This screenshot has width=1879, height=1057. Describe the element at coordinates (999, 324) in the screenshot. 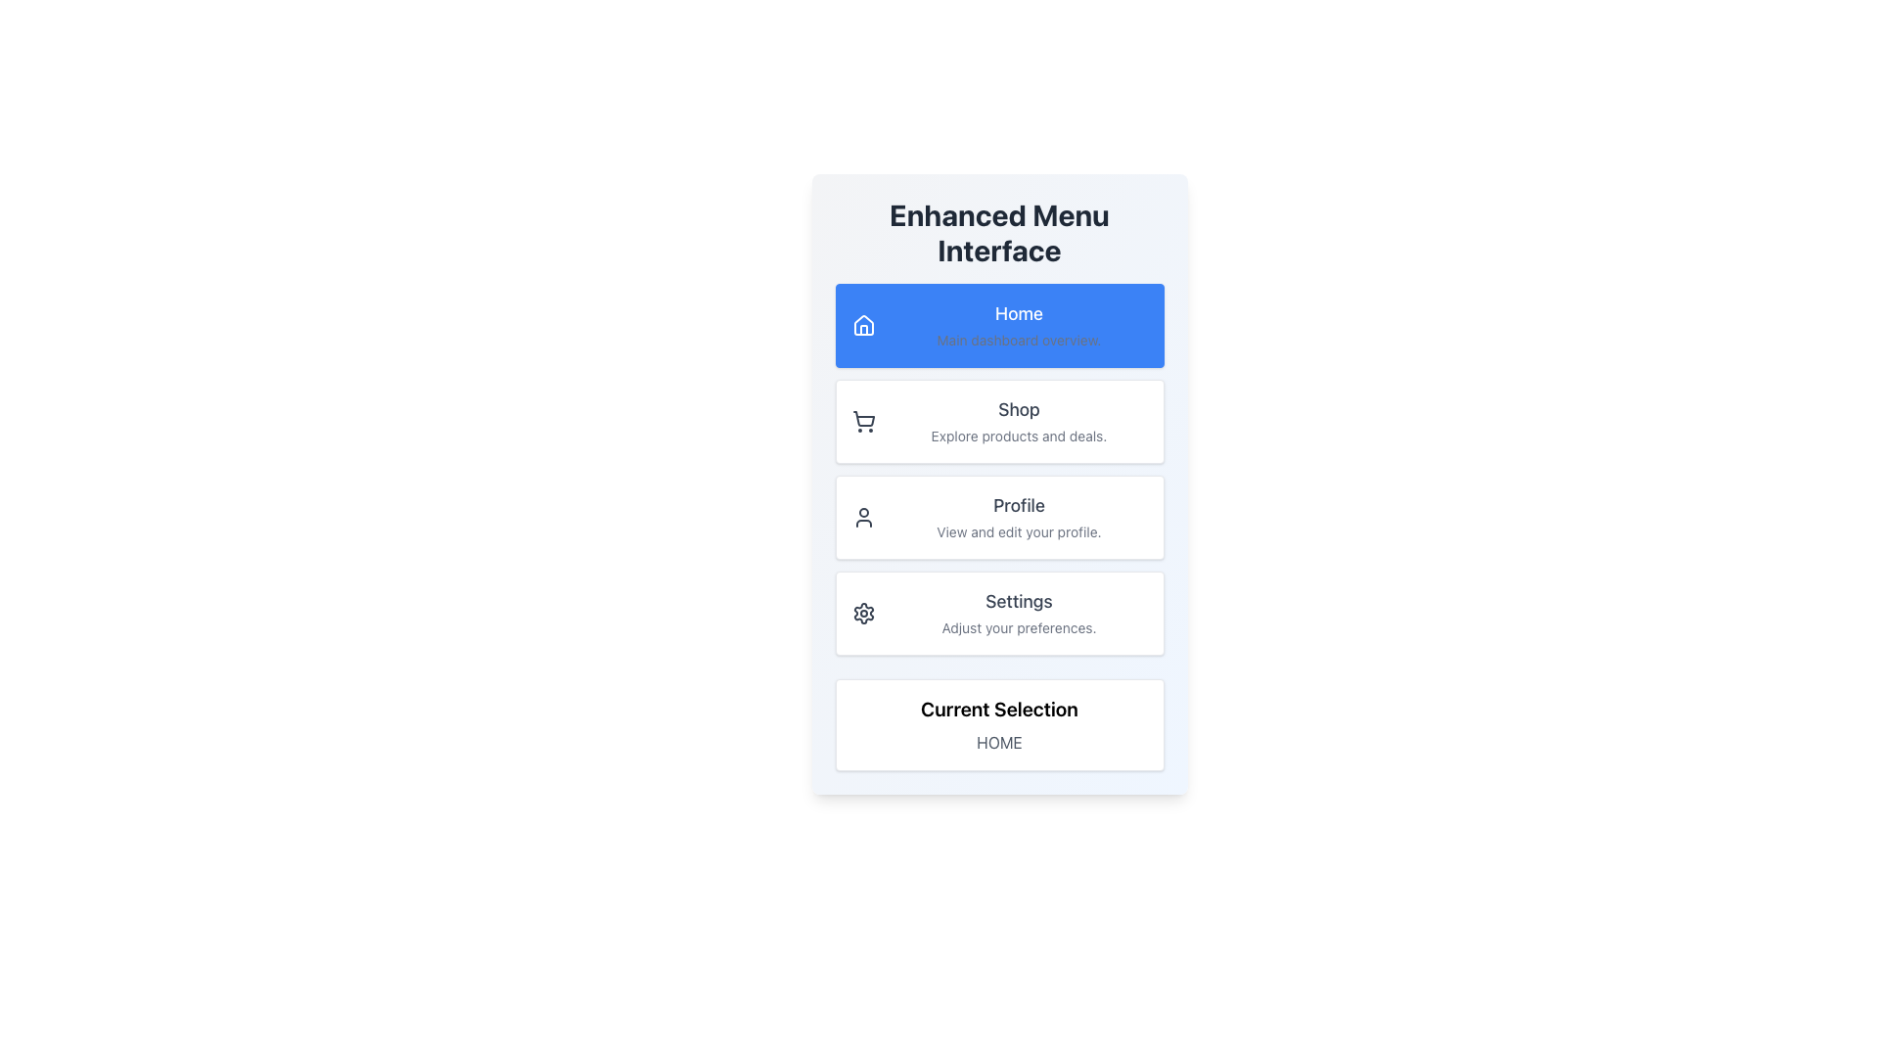

I see `the 'Home' navigational menu button located just below the heading 'Enhanced Menu Interface'` at that location.